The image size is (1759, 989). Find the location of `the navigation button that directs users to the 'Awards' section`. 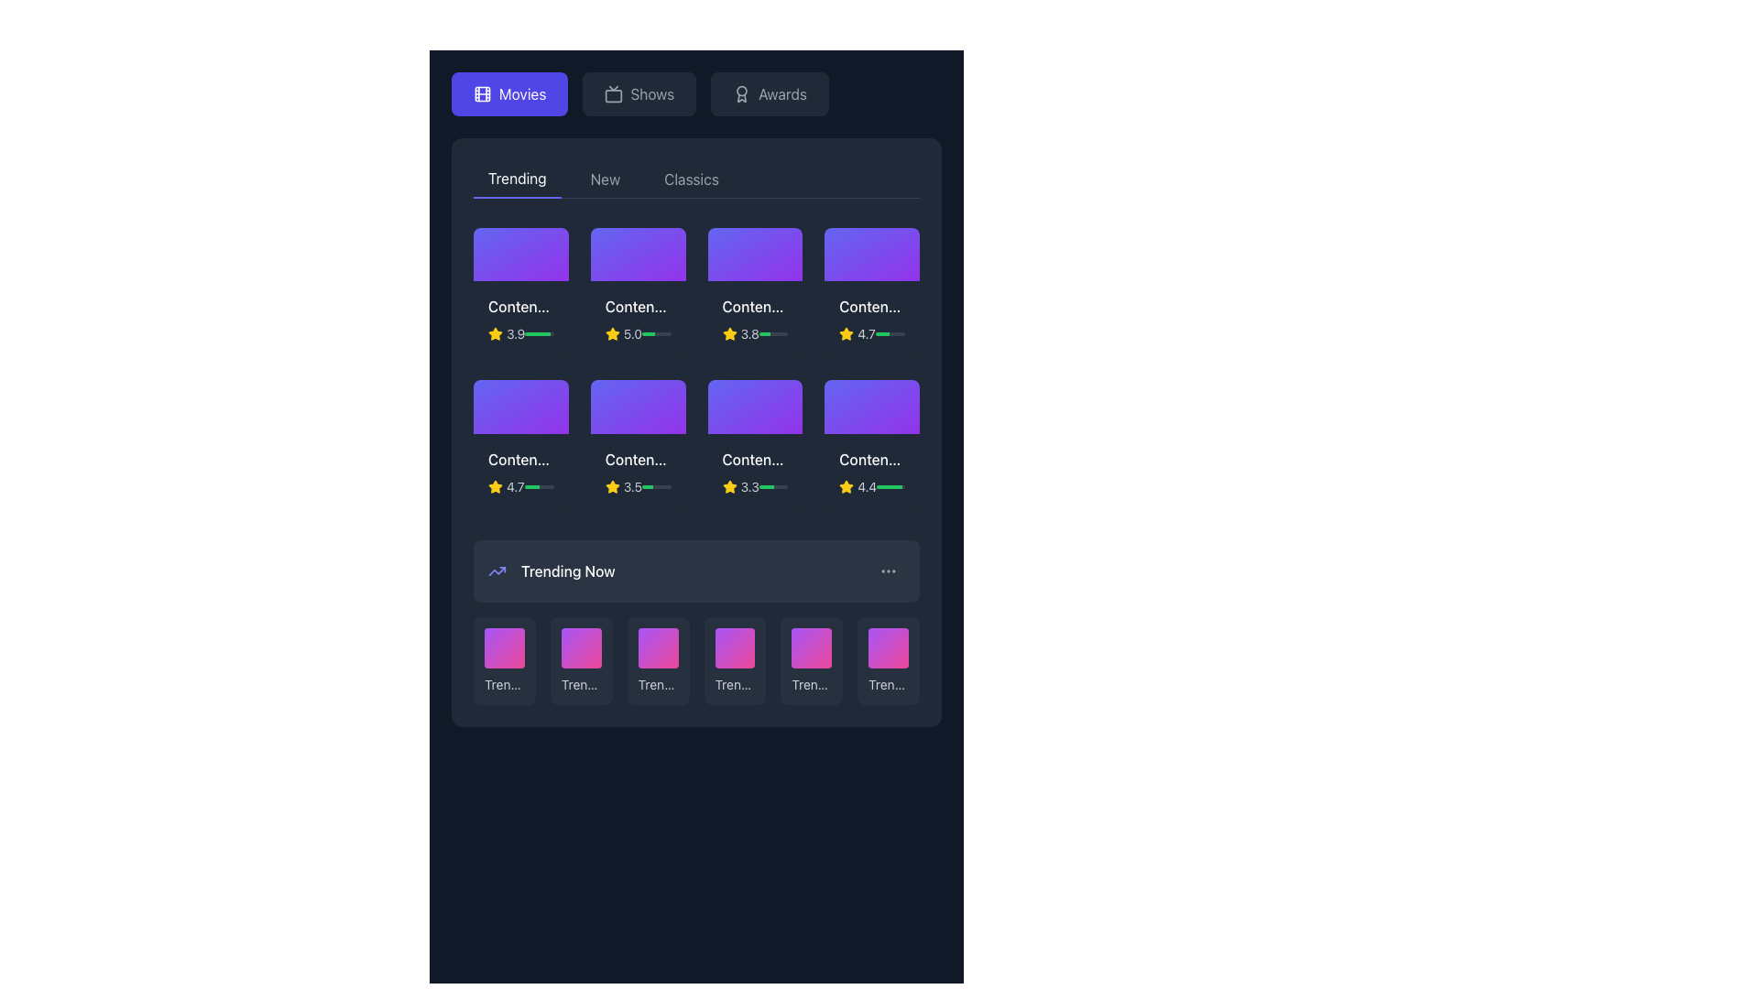

the navigation button that directs users to the 'Awards' section is located at coordinates (770, 94).